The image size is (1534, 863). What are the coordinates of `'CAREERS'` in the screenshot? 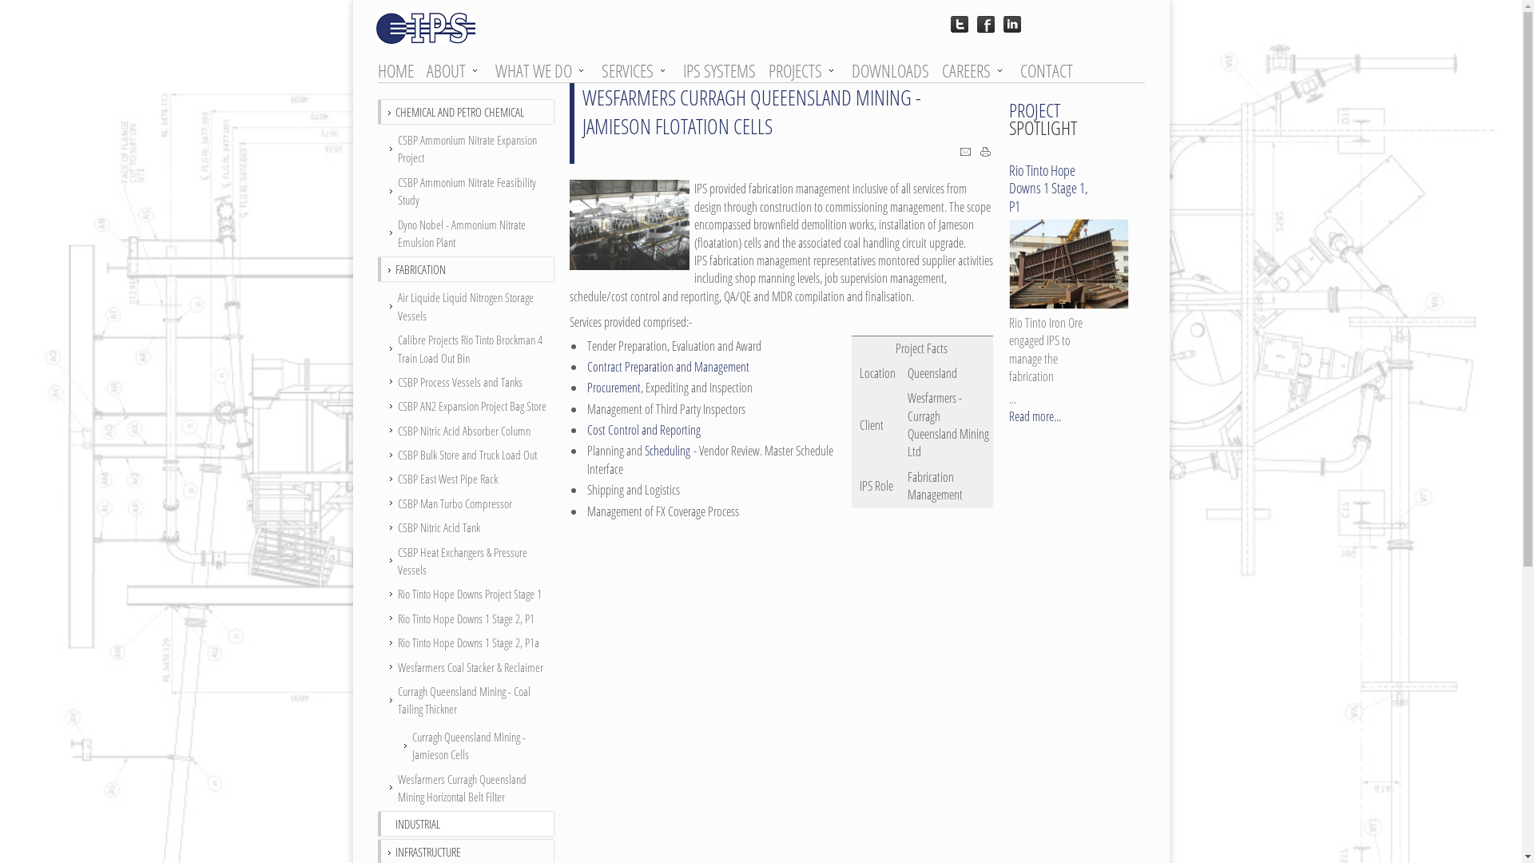 It's located at (940, 70).